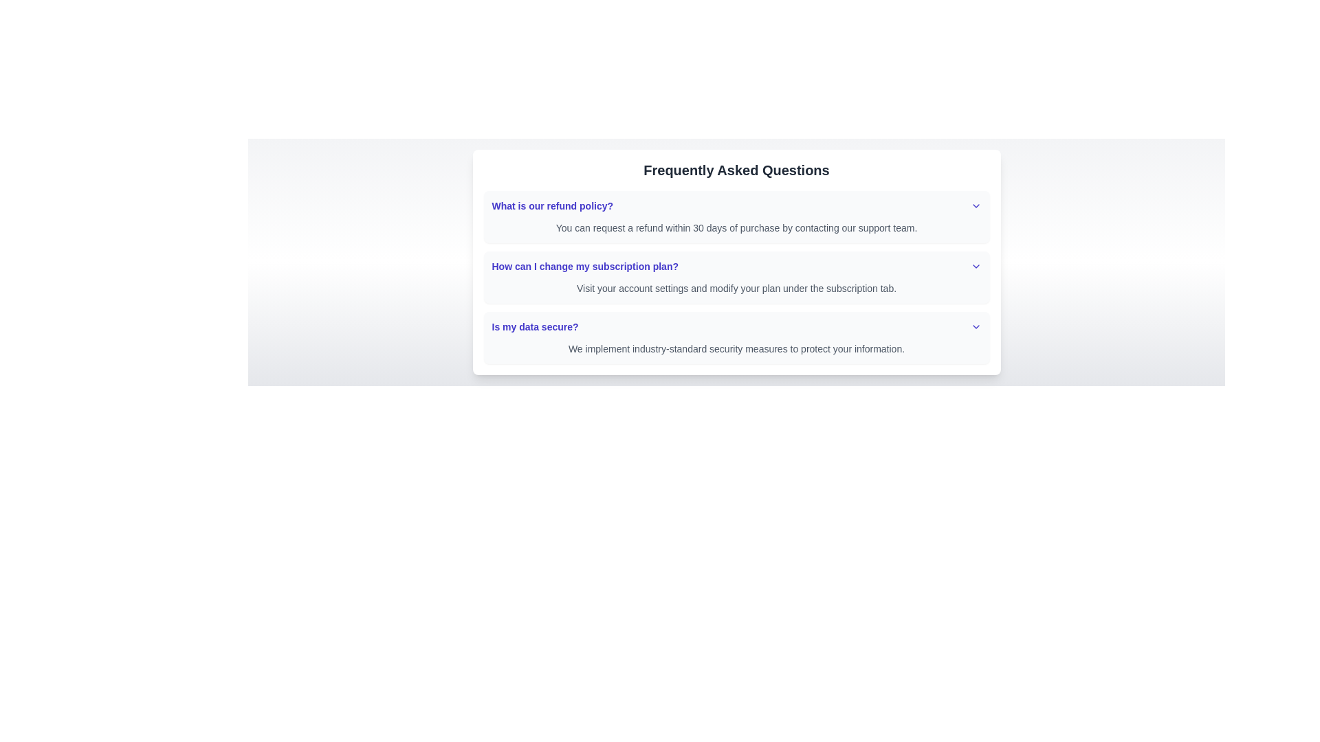  I want to click on detailed instructions provided in the Text Display below the question 'How can I change my subscription plan?', so click(736, 288).